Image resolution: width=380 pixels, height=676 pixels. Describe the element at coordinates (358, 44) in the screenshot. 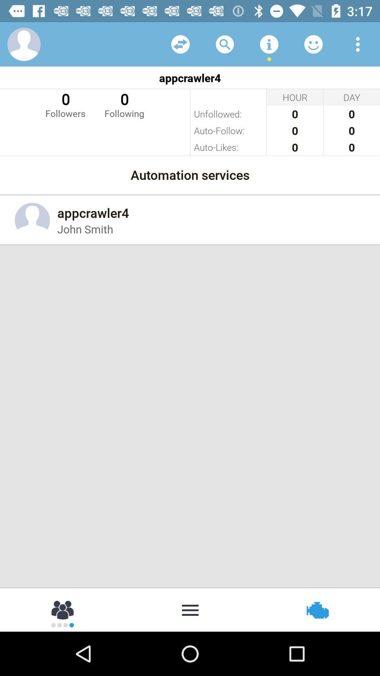

I see `item above appcrawler4 item` at that location.